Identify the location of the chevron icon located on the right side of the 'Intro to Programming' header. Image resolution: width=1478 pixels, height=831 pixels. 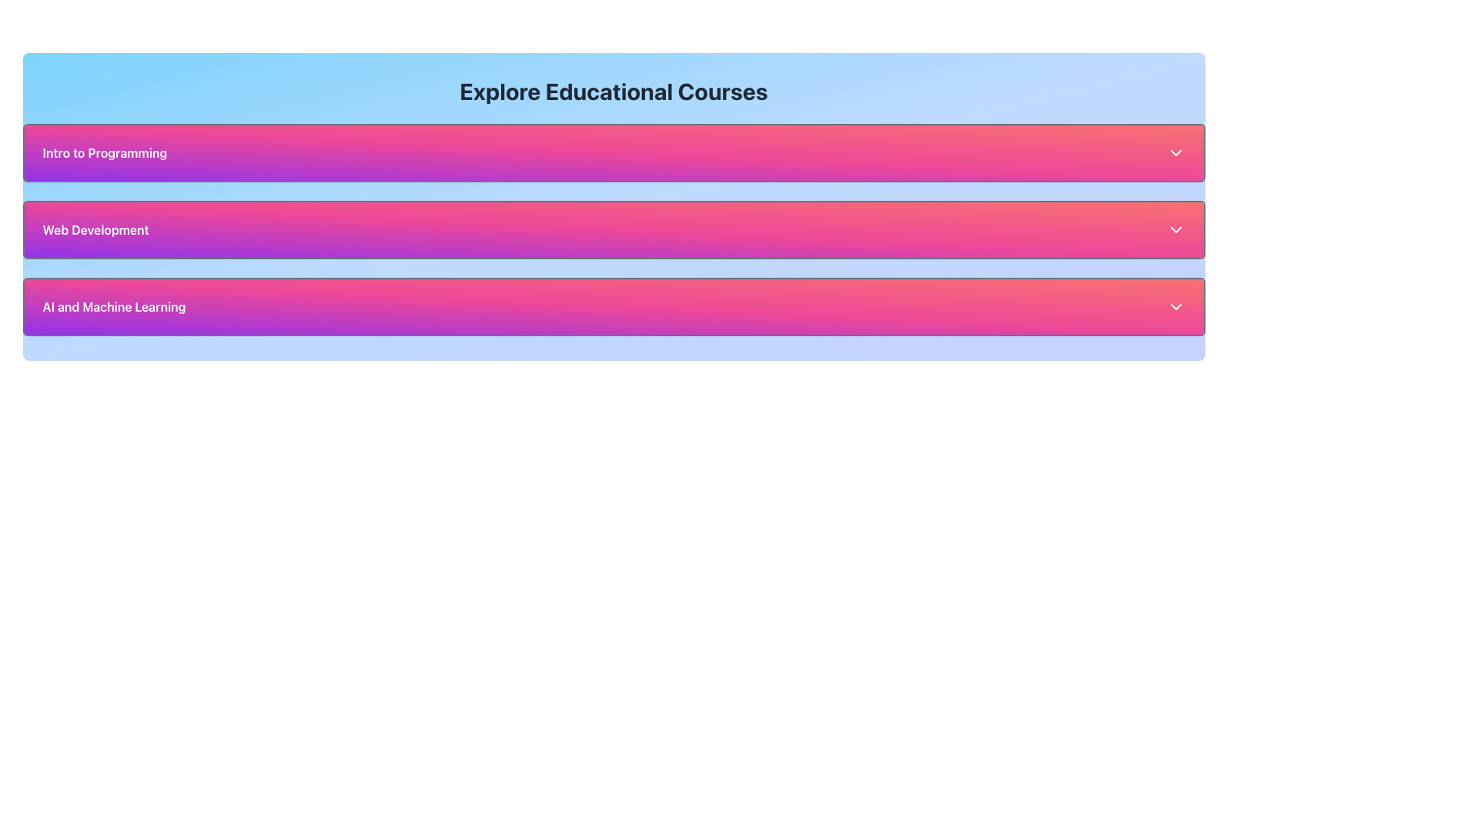
(1175, 153).